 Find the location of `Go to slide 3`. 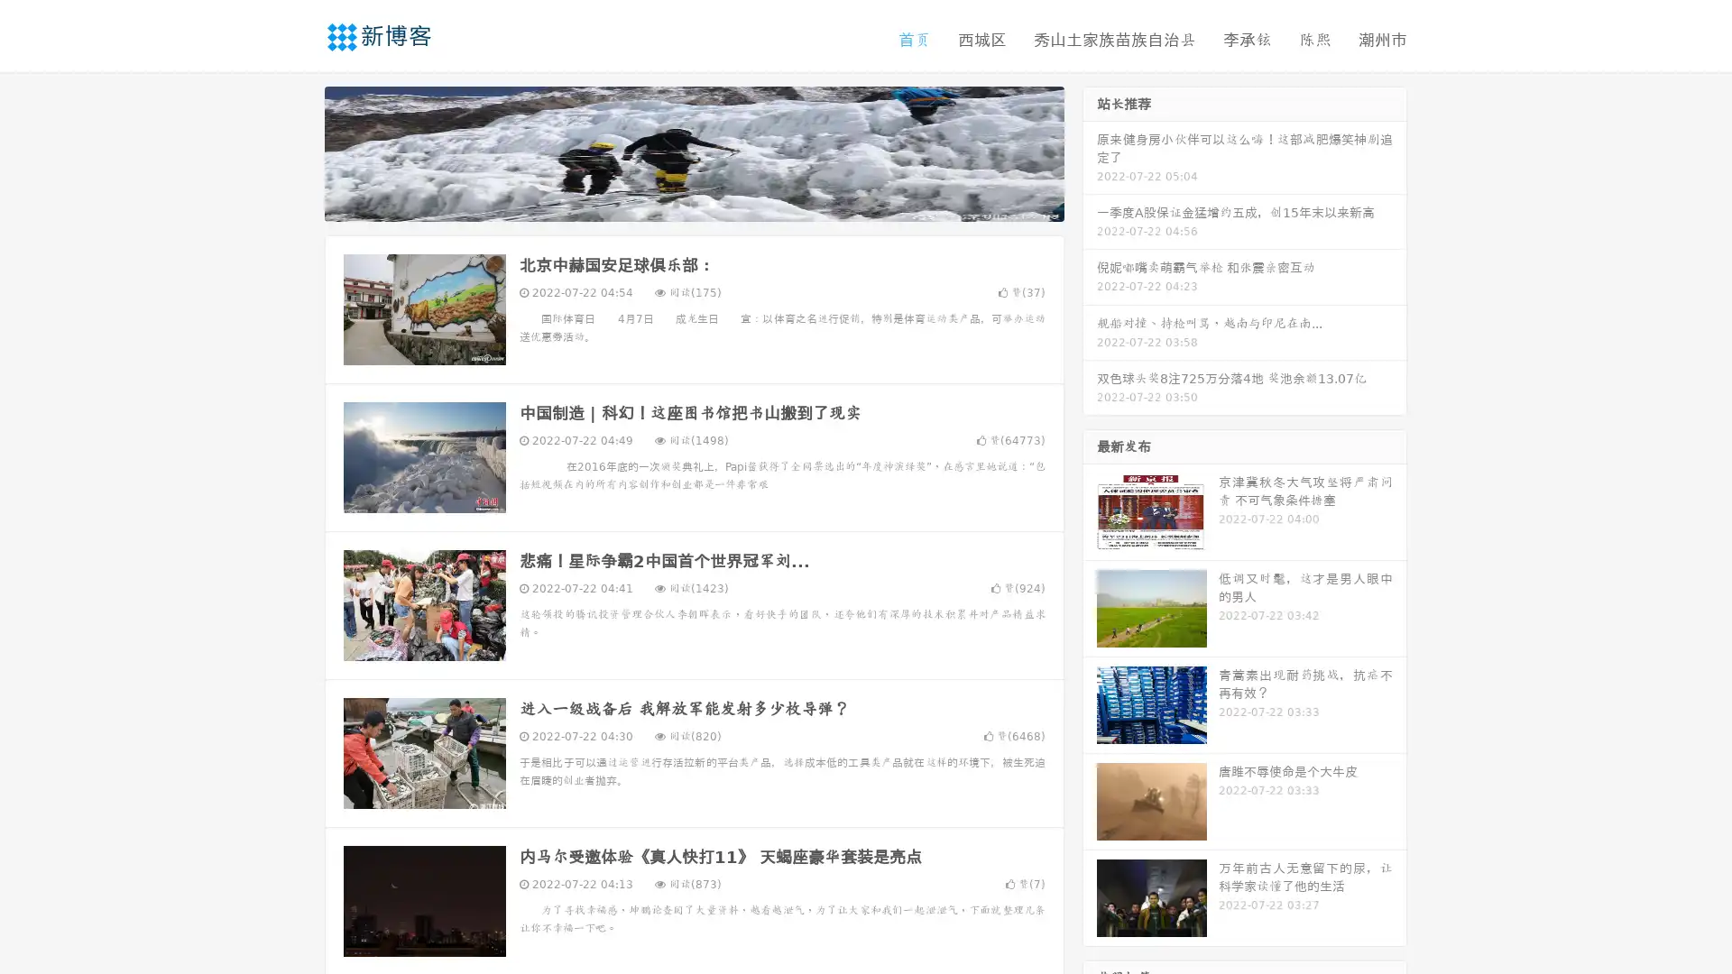

Go to slide 3 is located at coordinates (712, 203).